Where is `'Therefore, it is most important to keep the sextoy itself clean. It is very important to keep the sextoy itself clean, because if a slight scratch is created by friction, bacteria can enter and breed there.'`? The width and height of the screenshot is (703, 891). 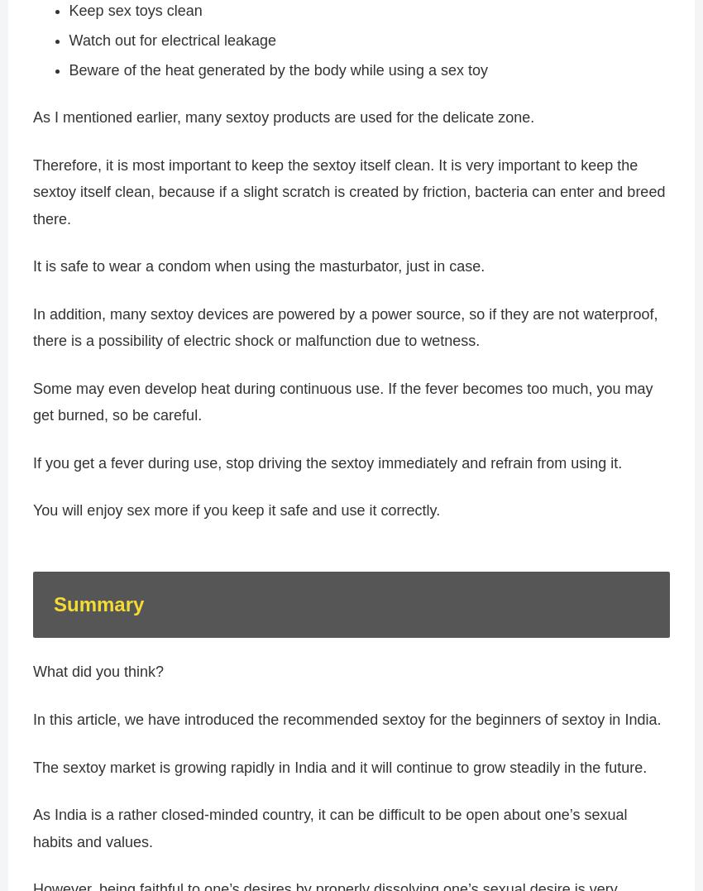 'Therefore, it is most important to keep the sextoy itself clean. It is very important to keep the sextoy itself clean, because if a slight scratch is created by friction, bacteria can enter and breed there.' is located at coordinates (32, 199).